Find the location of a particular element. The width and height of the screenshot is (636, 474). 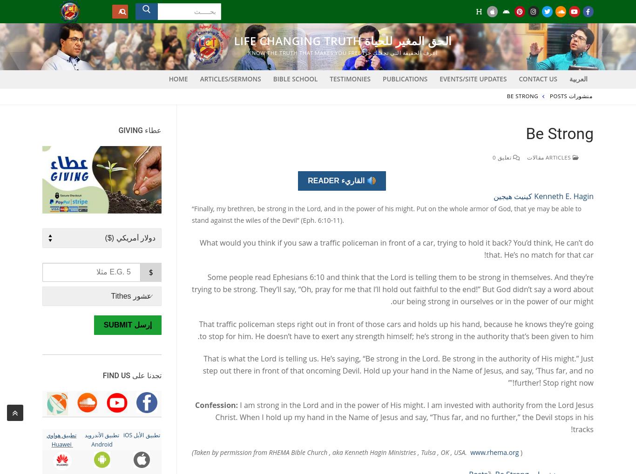

'اعرف الحقيقة التي تجعلك حراً Know the Truth that Makes you free' is located at coordinates (343, 52).